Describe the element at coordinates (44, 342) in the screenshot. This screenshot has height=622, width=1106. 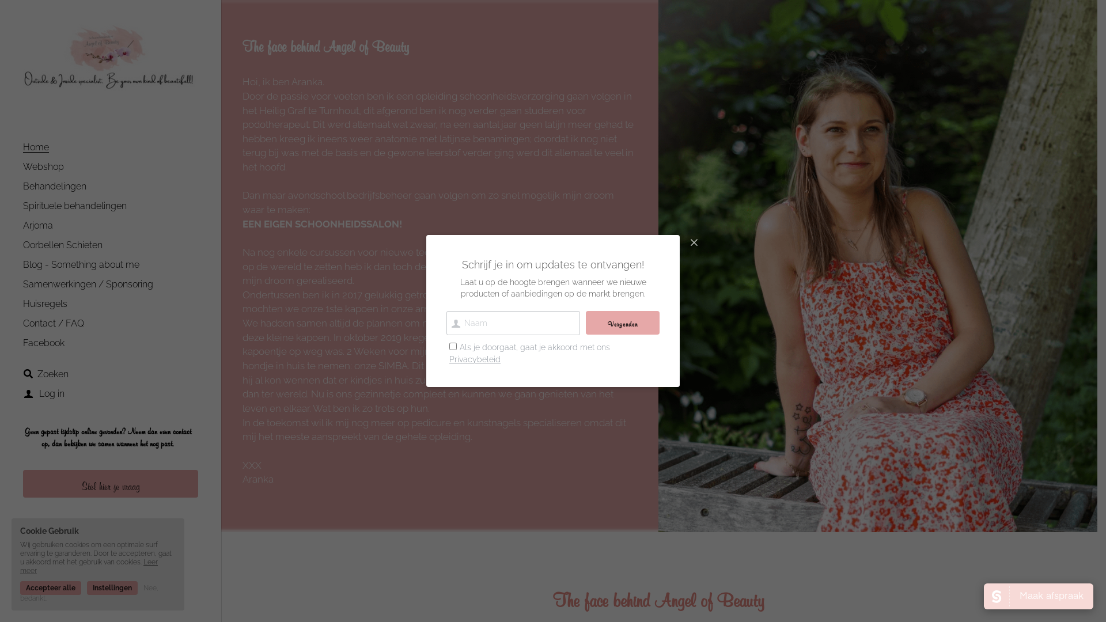
I see `'Facebook'` at that location.